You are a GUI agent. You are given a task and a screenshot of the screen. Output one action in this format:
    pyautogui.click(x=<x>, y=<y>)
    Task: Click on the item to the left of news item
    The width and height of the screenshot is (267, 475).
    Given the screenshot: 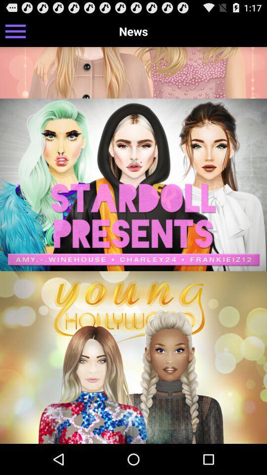 What is the action you would take?
    pyautogui.click(x=15, y=31)
    